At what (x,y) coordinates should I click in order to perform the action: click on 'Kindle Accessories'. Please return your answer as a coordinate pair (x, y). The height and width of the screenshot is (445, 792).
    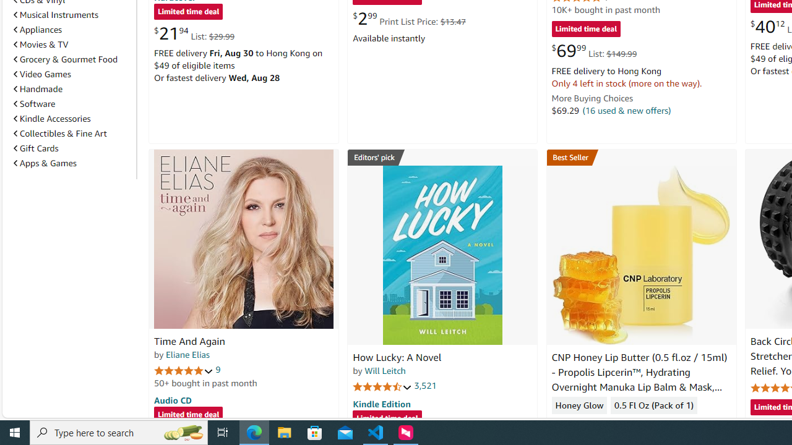
    Looking at the image, I should click on (72, 119).